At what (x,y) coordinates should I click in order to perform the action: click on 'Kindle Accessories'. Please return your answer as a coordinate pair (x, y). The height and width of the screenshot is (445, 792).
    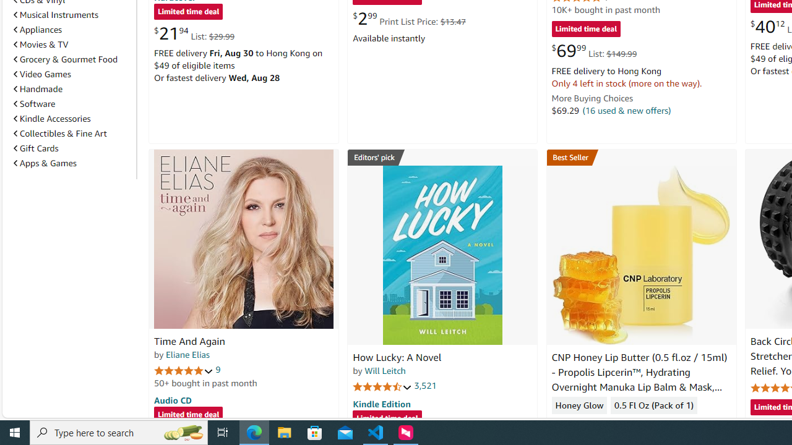
    Looking at the image, I should click on (72, 119).